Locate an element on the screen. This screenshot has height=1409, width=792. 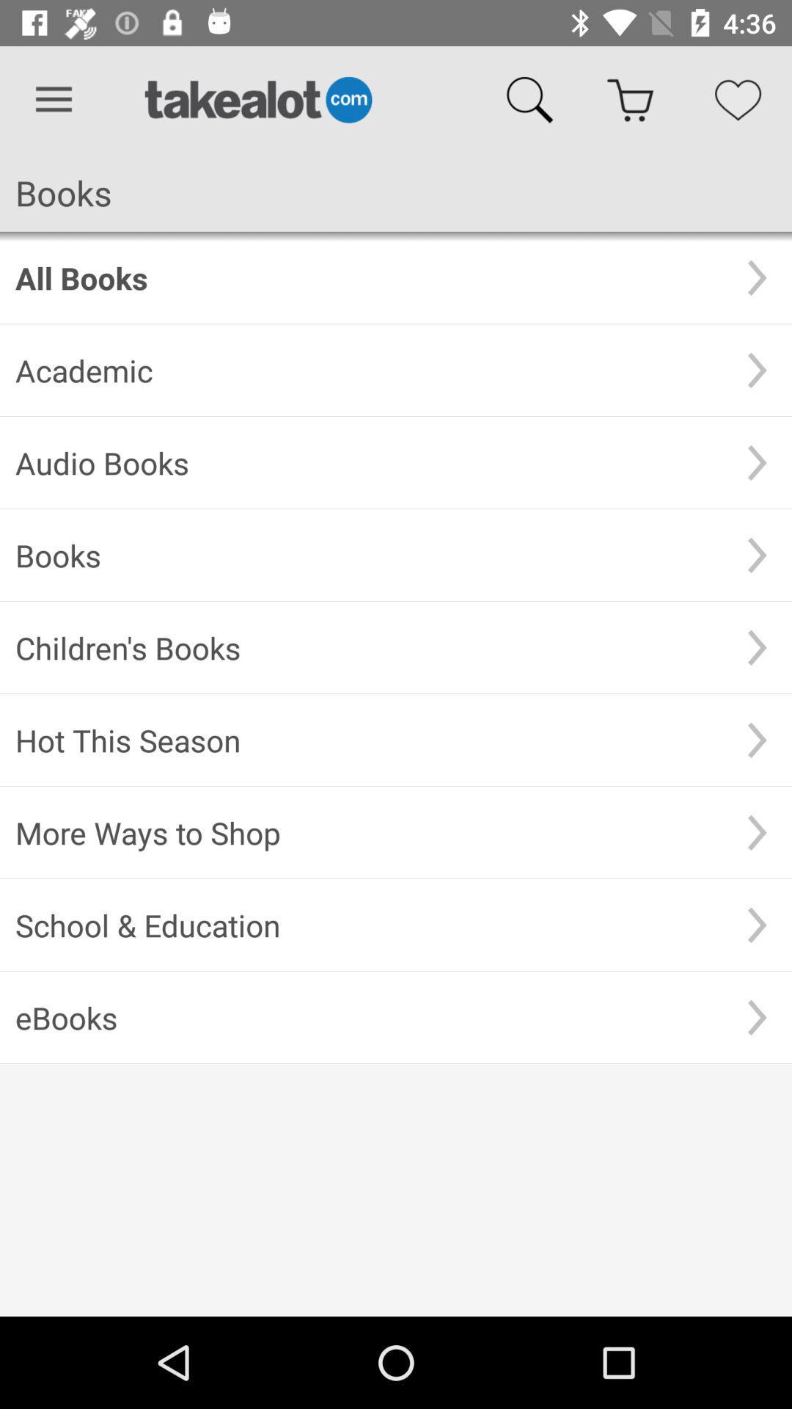
the ebooks item is located at coordinates (368, 1016).